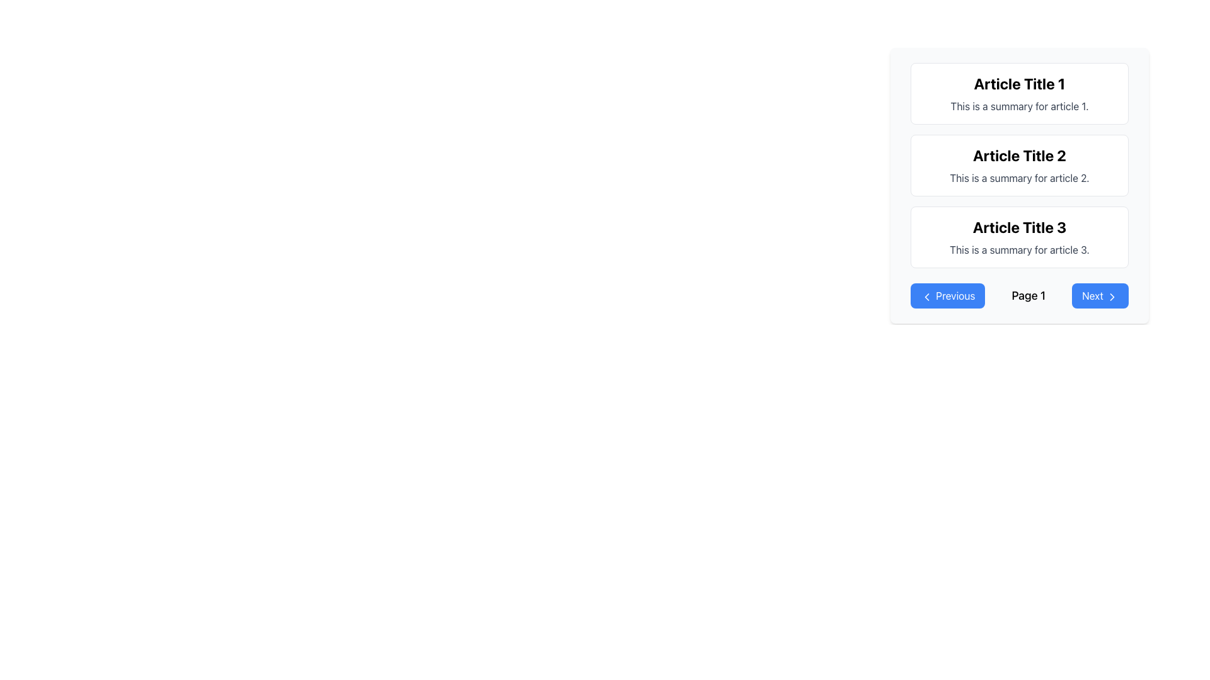 The image size is (1210, 680). Describe the element at coordinates (1112, 297) in the screenshot. I see `the icon located at the far right of the 'Next' button, adjacent to the label 'Next'` at that location.